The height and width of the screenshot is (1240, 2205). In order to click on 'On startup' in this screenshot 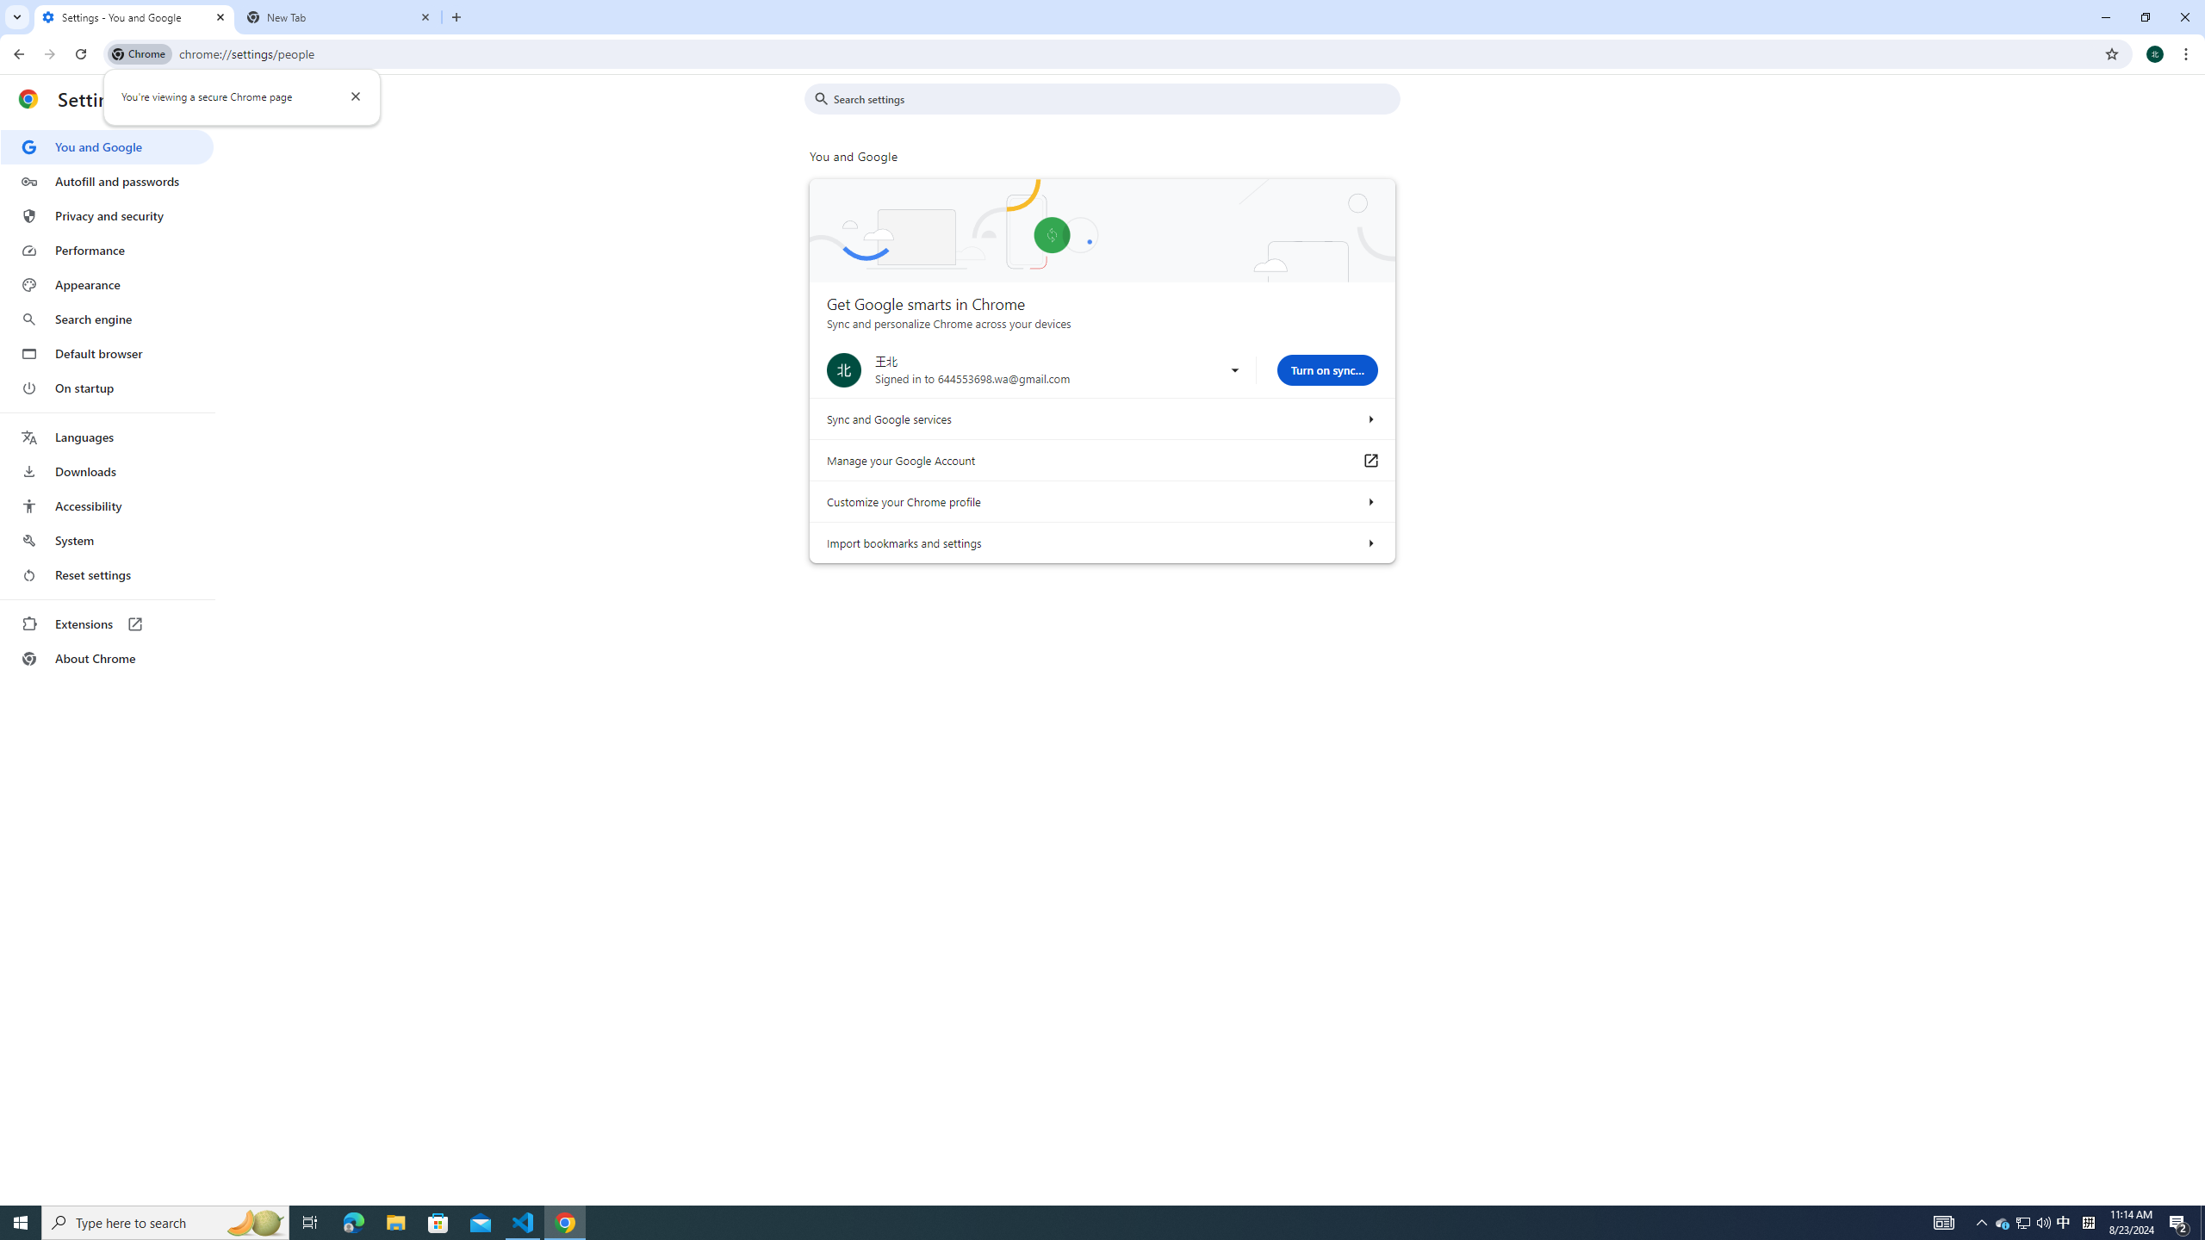, I will do `click(106, 387)`.